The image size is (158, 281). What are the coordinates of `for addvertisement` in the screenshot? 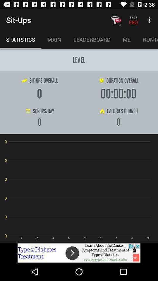 It's located at (79, 253).